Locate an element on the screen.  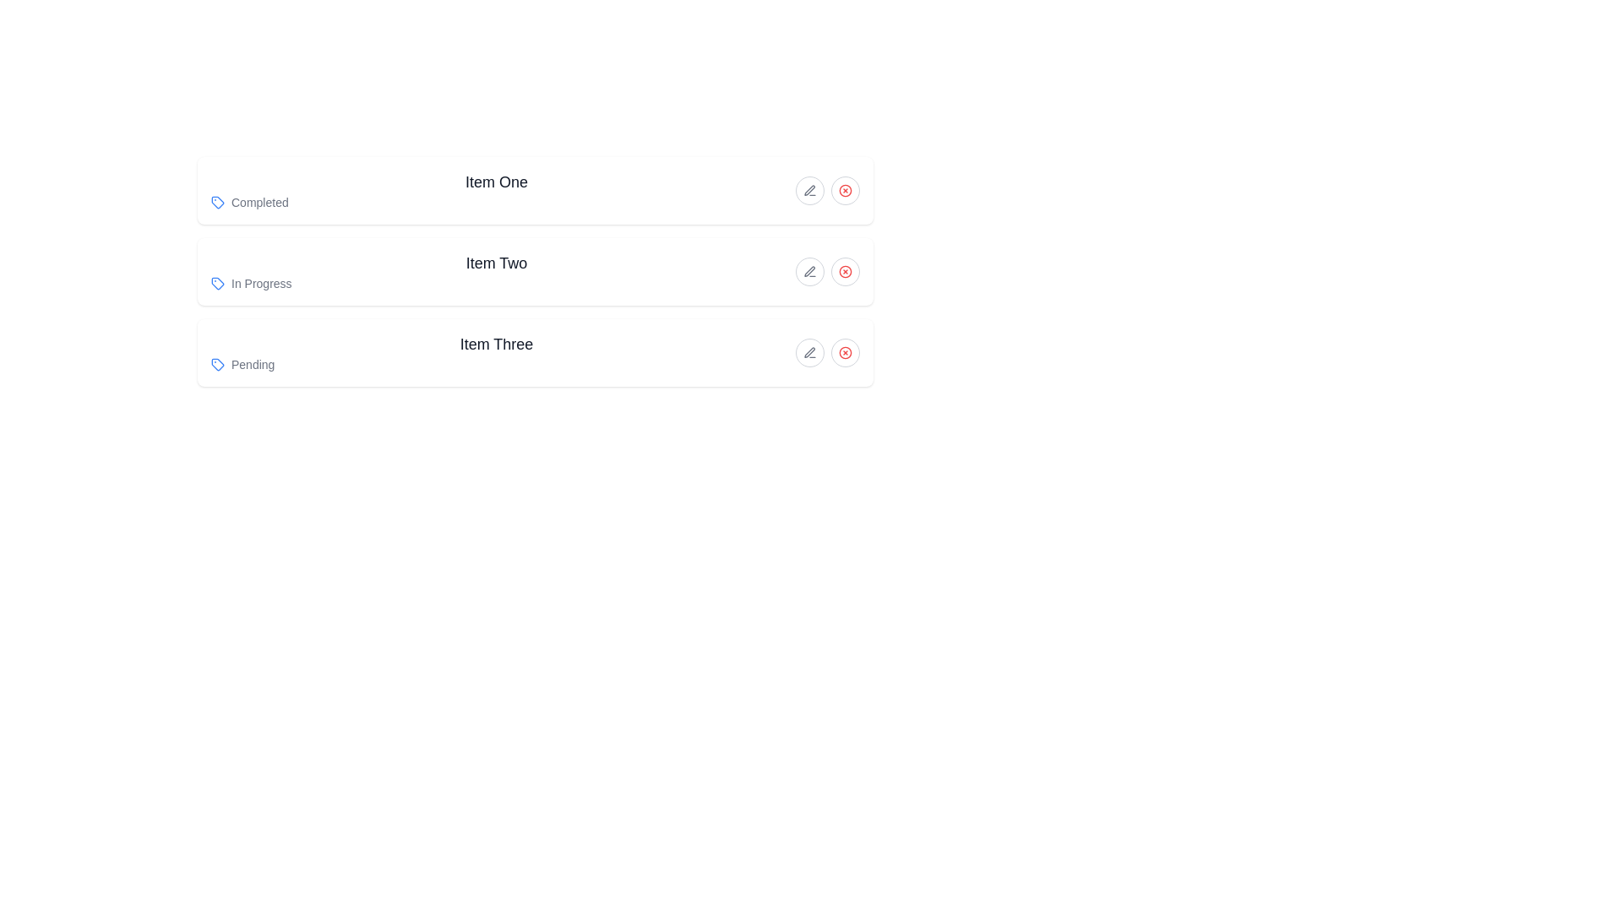
the decorative icon representing the 'Pending' status located in the bottom-left corner of the third item block labeled 'Item Three' is located at coordinates (217, 364).